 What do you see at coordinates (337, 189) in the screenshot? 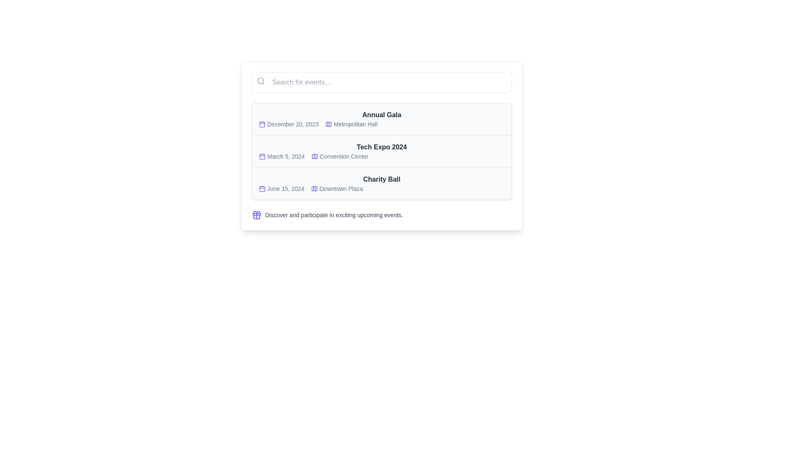
I see `the icon displaying the venue name for the 'Charity Ball' event` at bounding box center [337, 189].